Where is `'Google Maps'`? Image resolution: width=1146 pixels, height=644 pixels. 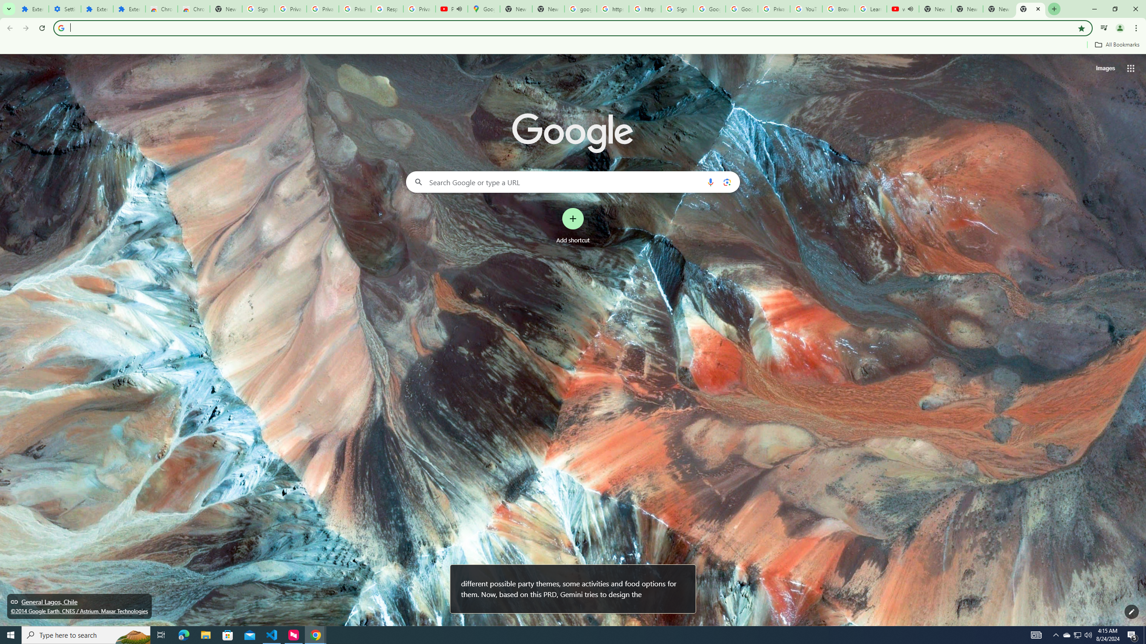 'Google Maps' is located at coordinates (483, 8).